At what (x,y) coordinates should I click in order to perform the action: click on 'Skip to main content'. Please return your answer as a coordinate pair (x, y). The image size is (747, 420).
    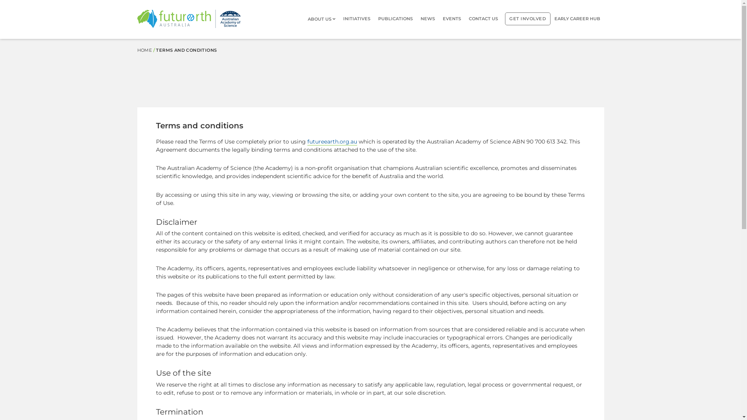
    Looking at the image, I should click on (0, 39).